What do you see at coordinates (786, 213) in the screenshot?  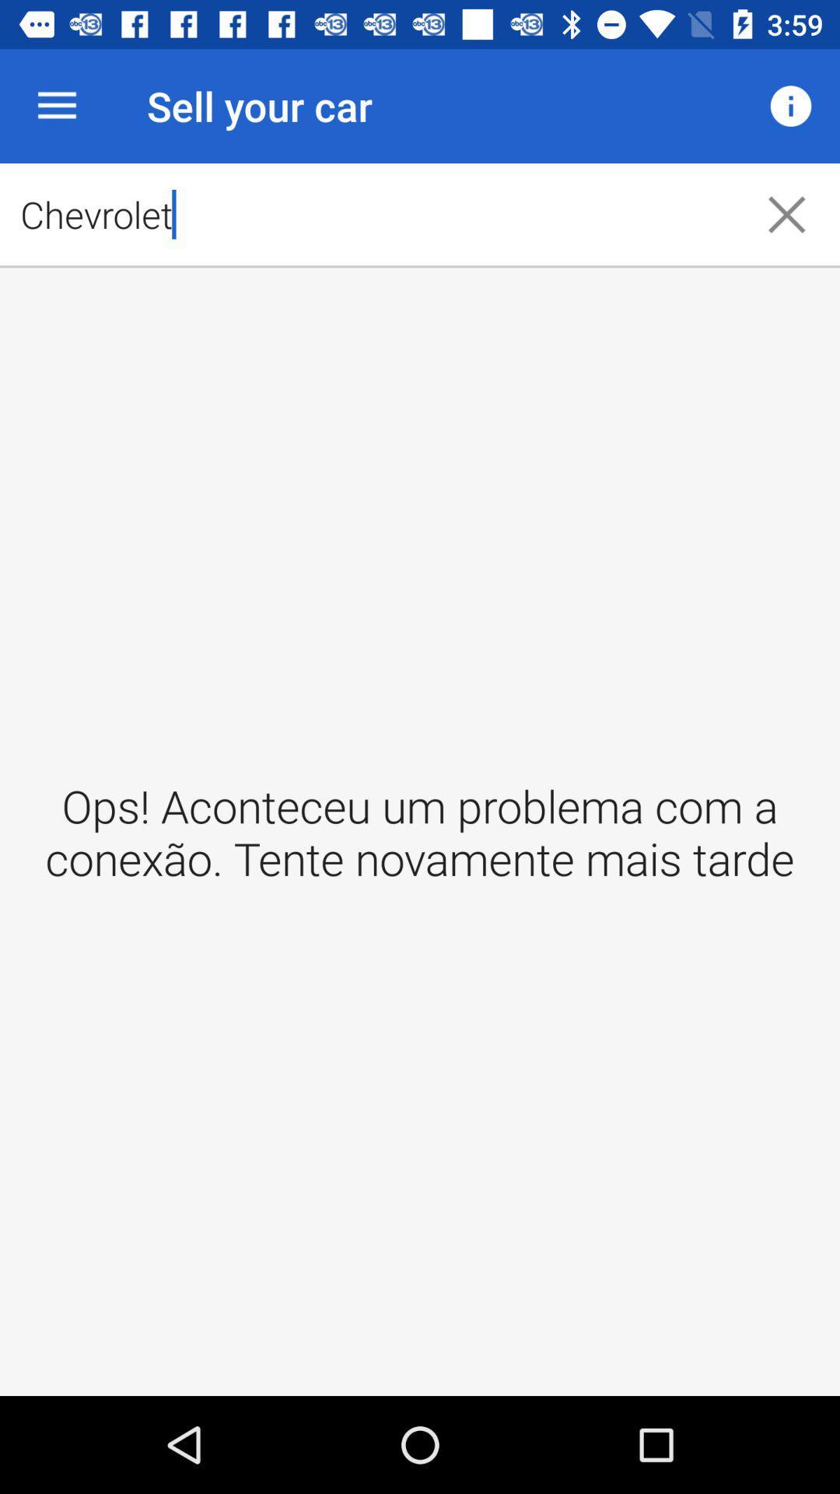 I see `icon next to the chevrolet` at bounding box center [786, 213].